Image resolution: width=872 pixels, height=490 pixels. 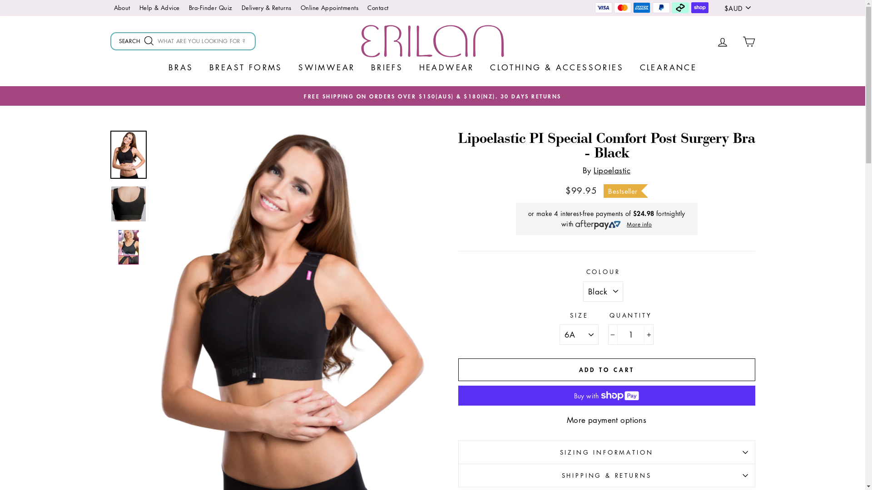 What do you see at coordinates (364, 66) in the screenshot?
I see `'BRIEFS'` at bounding box center [364, 66].